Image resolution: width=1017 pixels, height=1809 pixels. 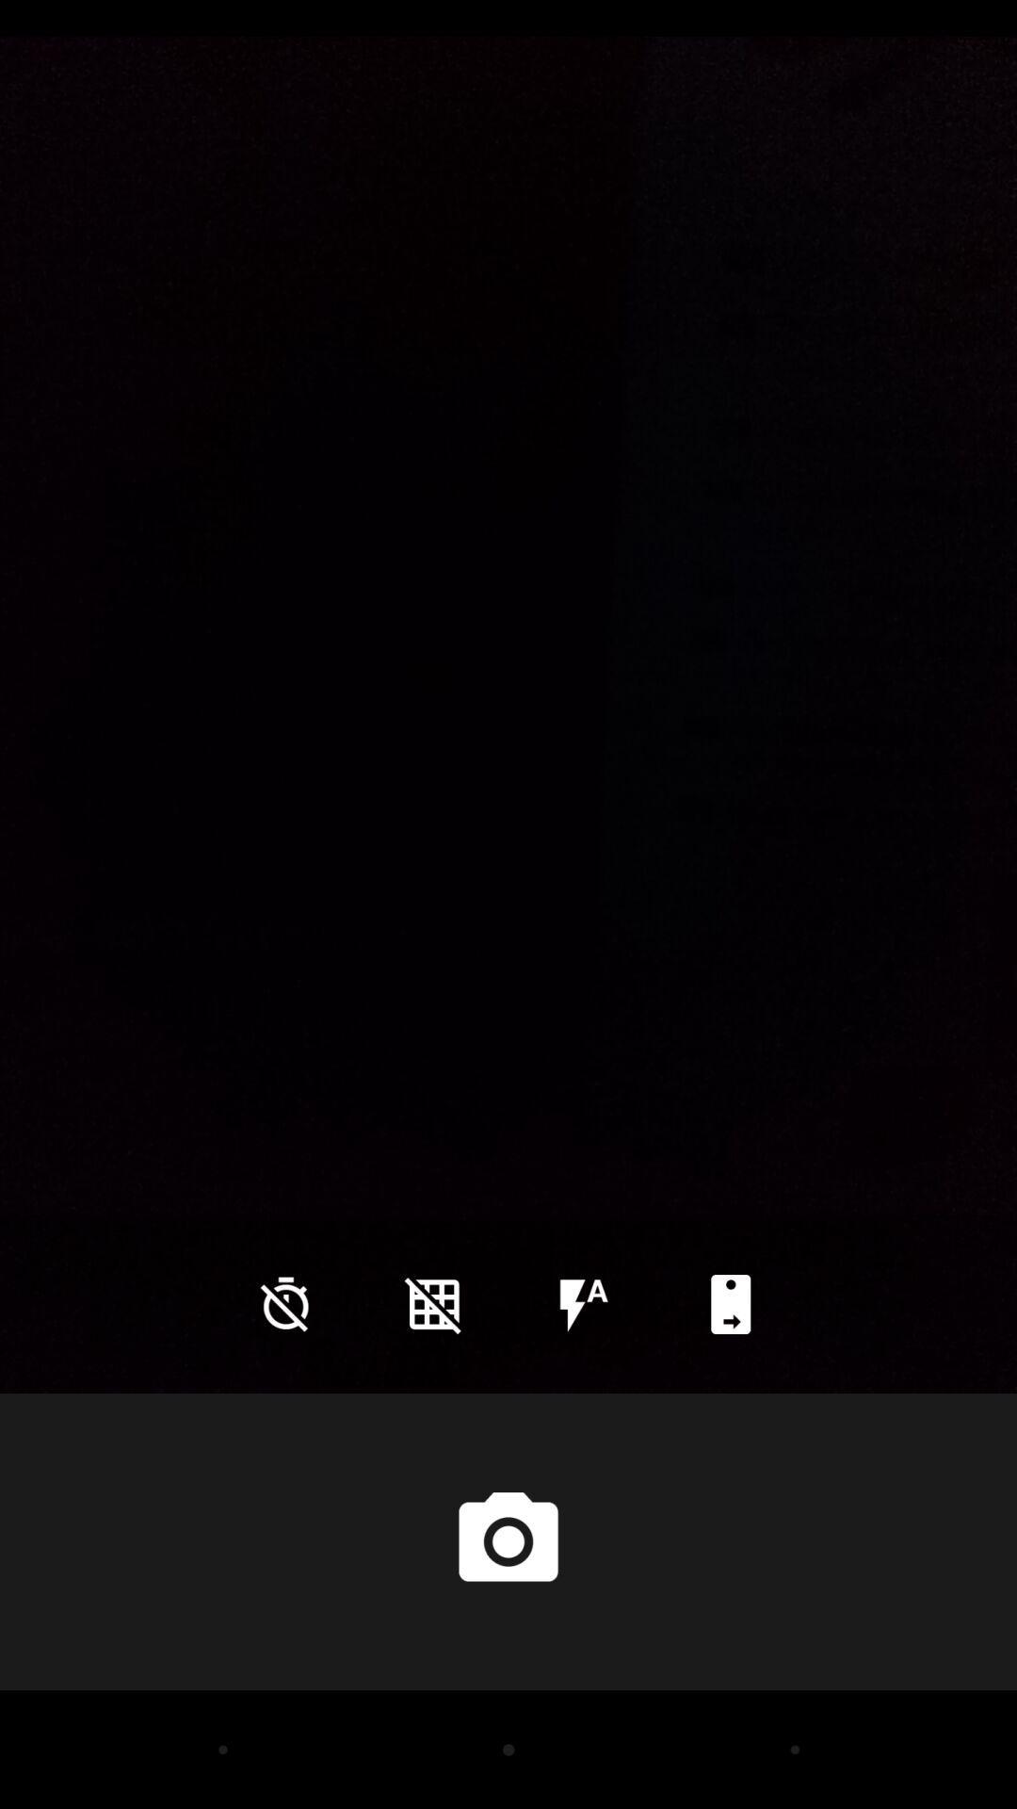 What do you see at coordinates (285, 1303) in the screenshot?
I see `the time icon` at bounding box center [285, 1303].